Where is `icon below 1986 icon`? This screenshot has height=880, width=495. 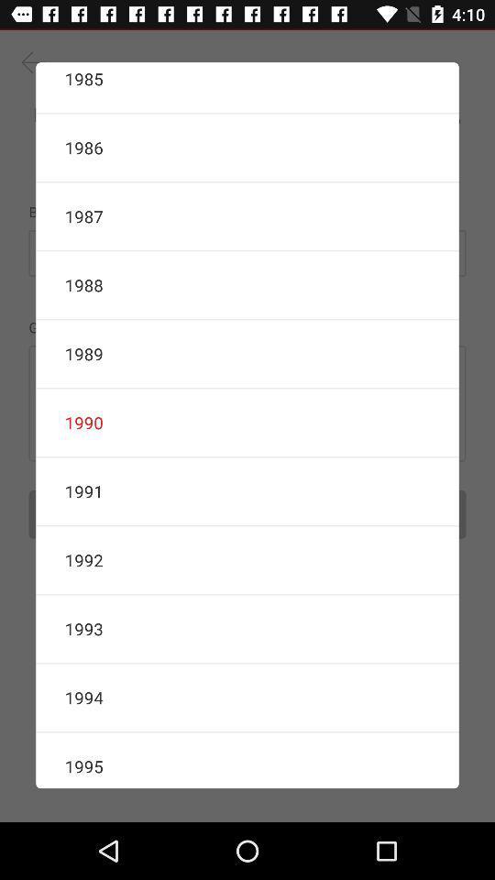
icon below 1986 icon is located at coordinates (247, 216).